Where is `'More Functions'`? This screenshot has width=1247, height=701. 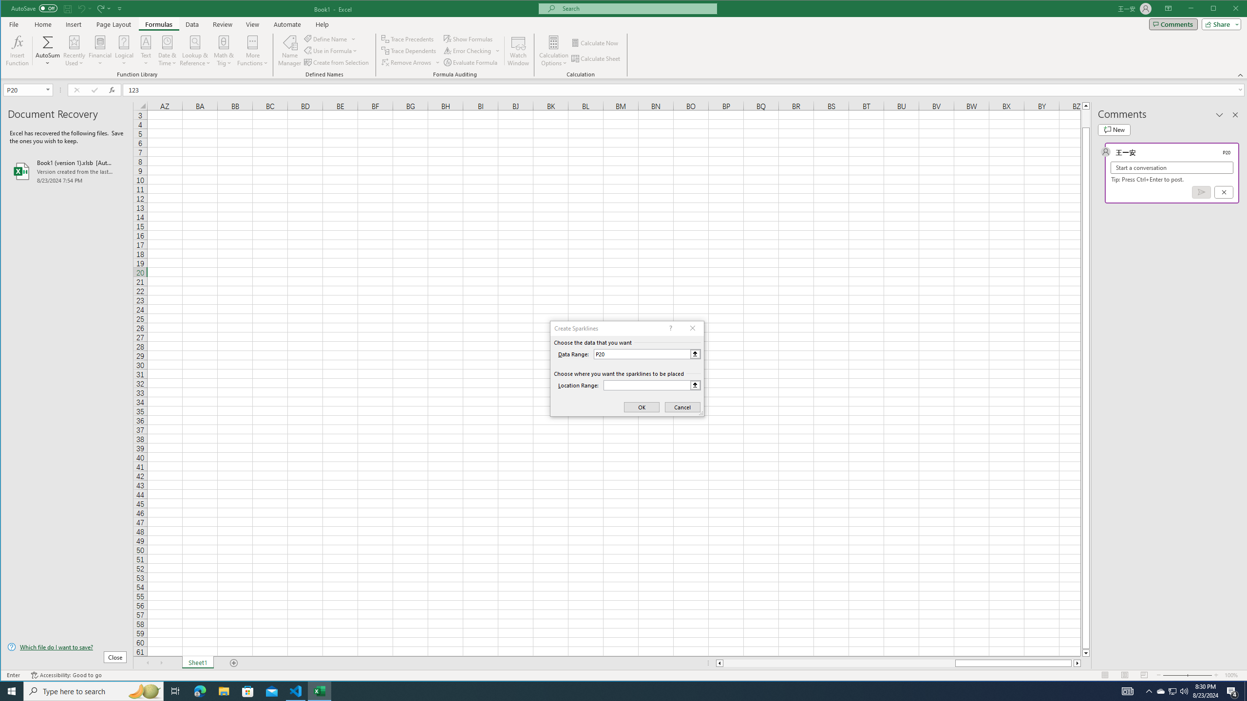 'More Functions' is located at coordinates (252, 50).